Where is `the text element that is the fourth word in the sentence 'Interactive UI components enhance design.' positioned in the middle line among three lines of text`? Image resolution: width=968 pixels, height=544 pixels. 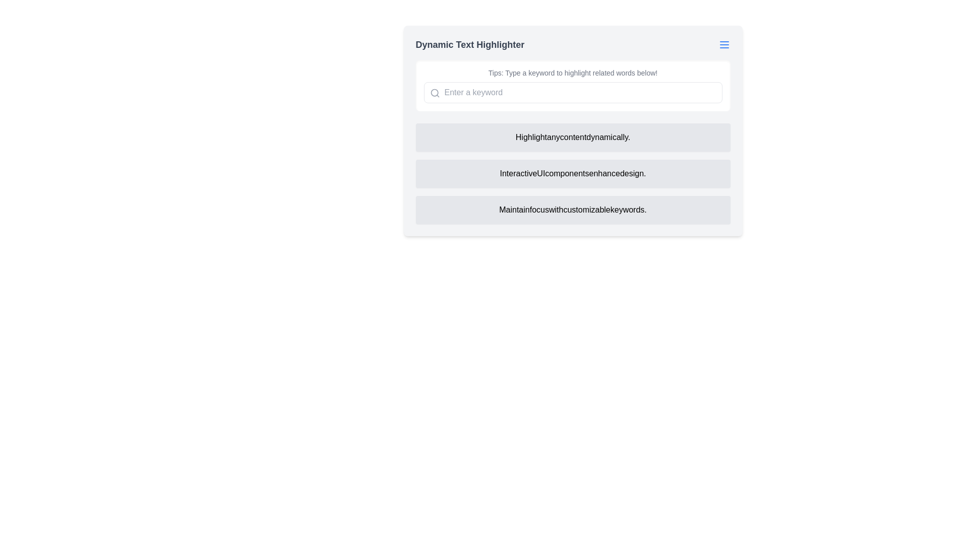 the text element that is the fourth word in the sentence 'Interactive UI components enhance design.' positioned in the middle line among three lines of text is located at coordinates (604, 173).